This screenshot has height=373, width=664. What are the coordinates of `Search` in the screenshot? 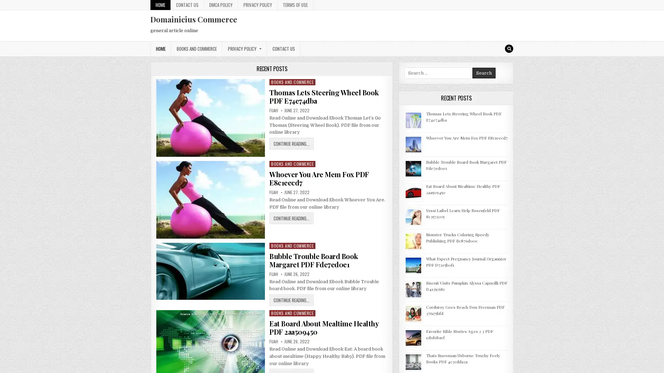 It's located at (483, 73).